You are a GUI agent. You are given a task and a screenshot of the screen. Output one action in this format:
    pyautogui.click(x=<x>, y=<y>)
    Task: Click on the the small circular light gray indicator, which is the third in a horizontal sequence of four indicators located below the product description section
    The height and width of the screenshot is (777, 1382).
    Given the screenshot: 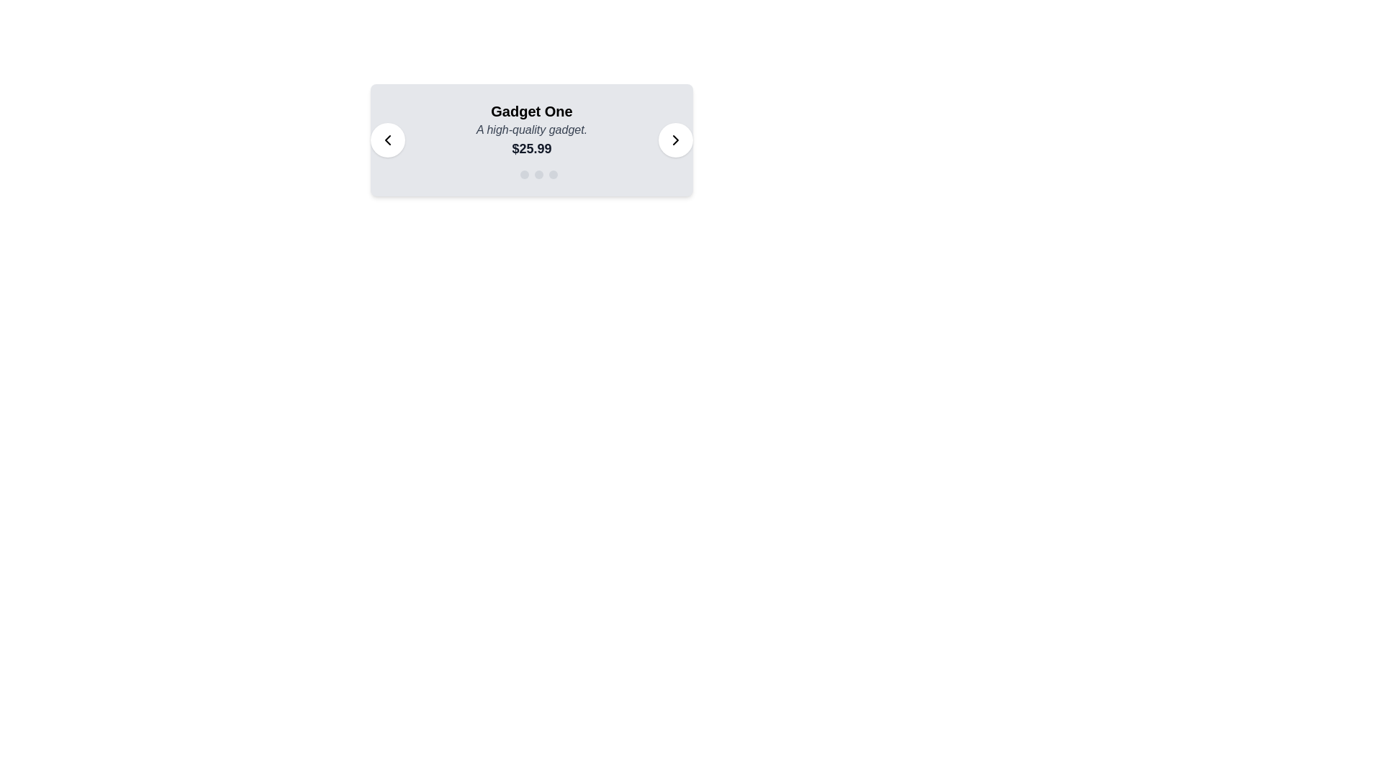 What is the action you would take?
    pyautogui.click(x=538, y=174)
    